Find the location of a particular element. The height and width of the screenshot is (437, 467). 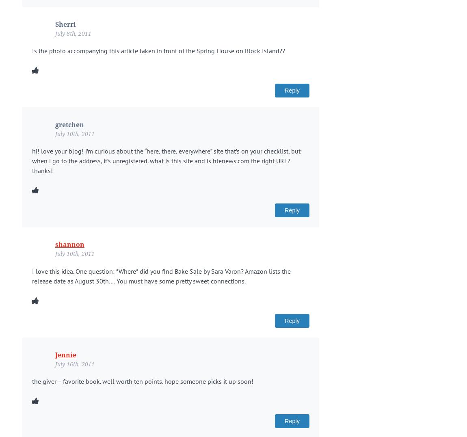

'July 8th, 2011' is located at coordinates (73, 33).